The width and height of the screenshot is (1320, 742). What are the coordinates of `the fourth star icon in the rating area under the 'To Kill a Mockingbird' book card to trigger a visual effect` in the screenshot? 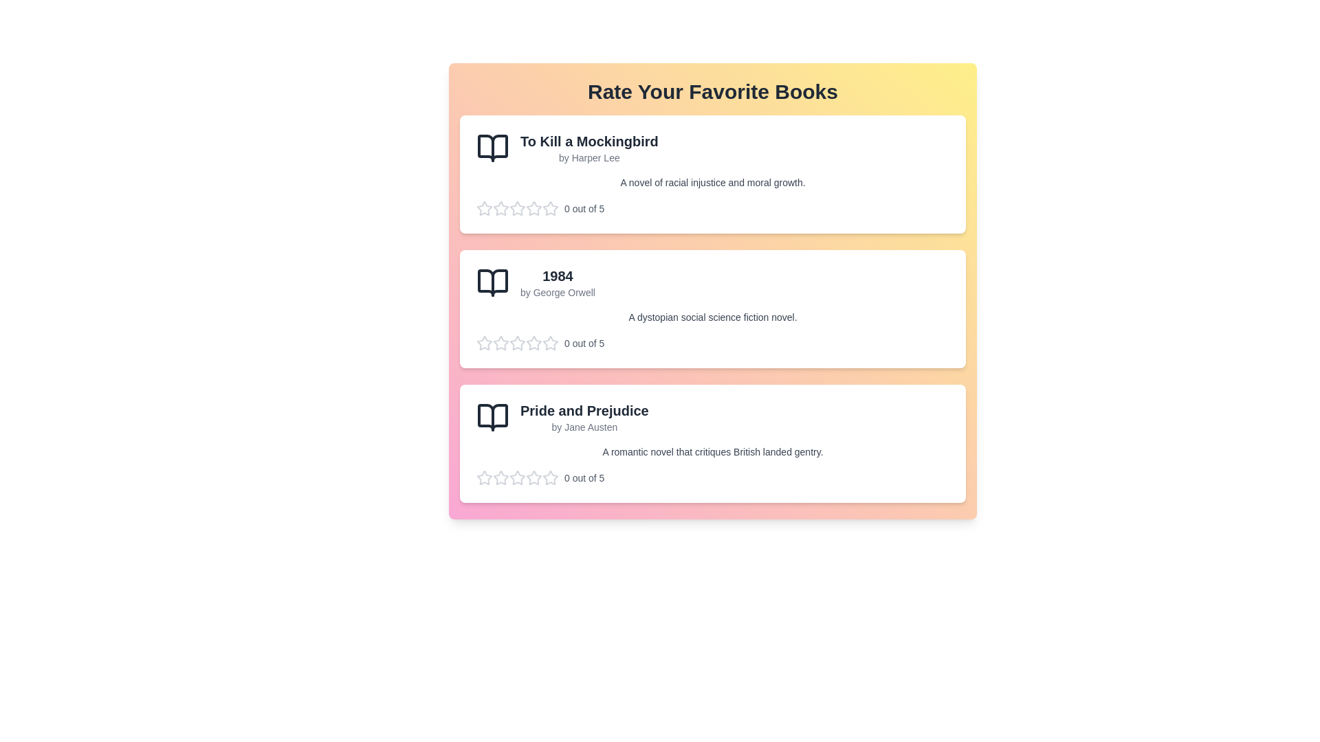 It's located at (517, 209).